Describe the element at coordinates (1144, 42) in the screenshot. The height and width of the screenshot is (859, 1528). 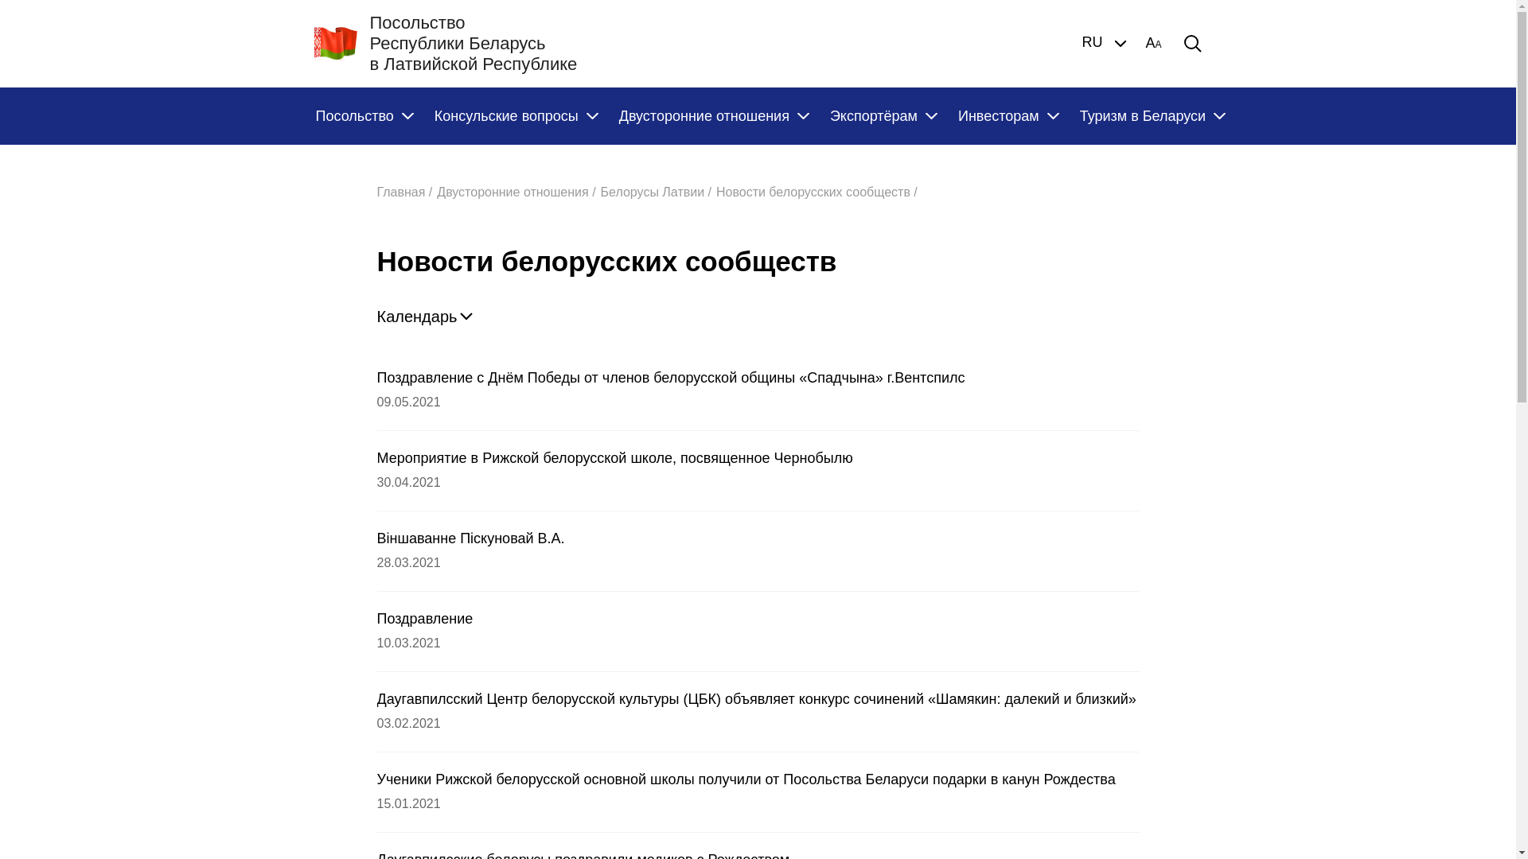
I see `'AA'` at that location.